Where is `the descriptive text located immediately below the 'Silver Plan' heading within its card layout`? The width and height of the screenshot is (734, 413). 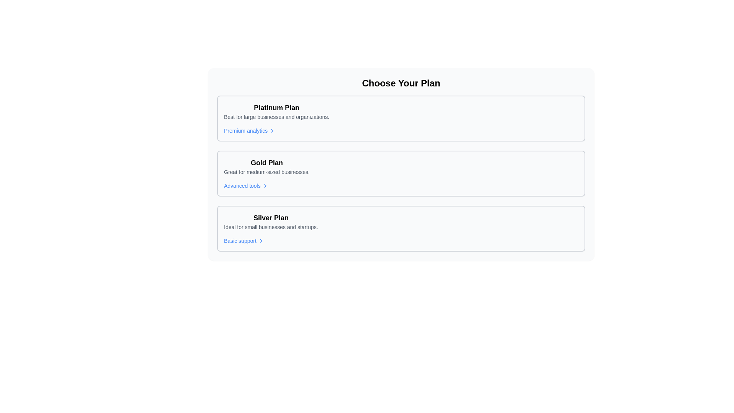
the descriptive text located immediately below the 'Silver Plan' heading within its card layout is located at coordinates (271, 227).